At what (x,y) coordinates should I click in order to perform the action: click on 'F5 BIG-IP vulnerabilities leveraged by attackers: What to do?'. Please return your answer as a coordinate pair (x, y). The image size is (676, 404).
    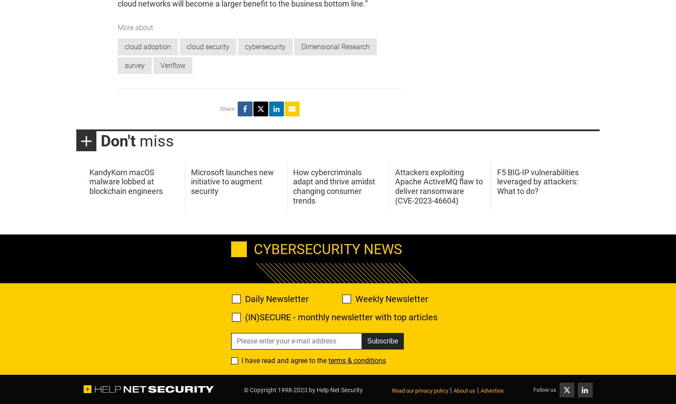
    Looking at the image, I should click on (537, 181).